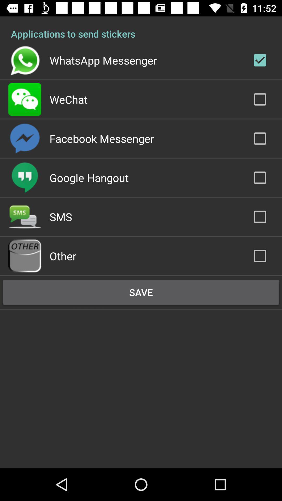 The width and height of the screenshot is (282, 501). I want to click on the whatsapp messenger app, so click(103, 60).